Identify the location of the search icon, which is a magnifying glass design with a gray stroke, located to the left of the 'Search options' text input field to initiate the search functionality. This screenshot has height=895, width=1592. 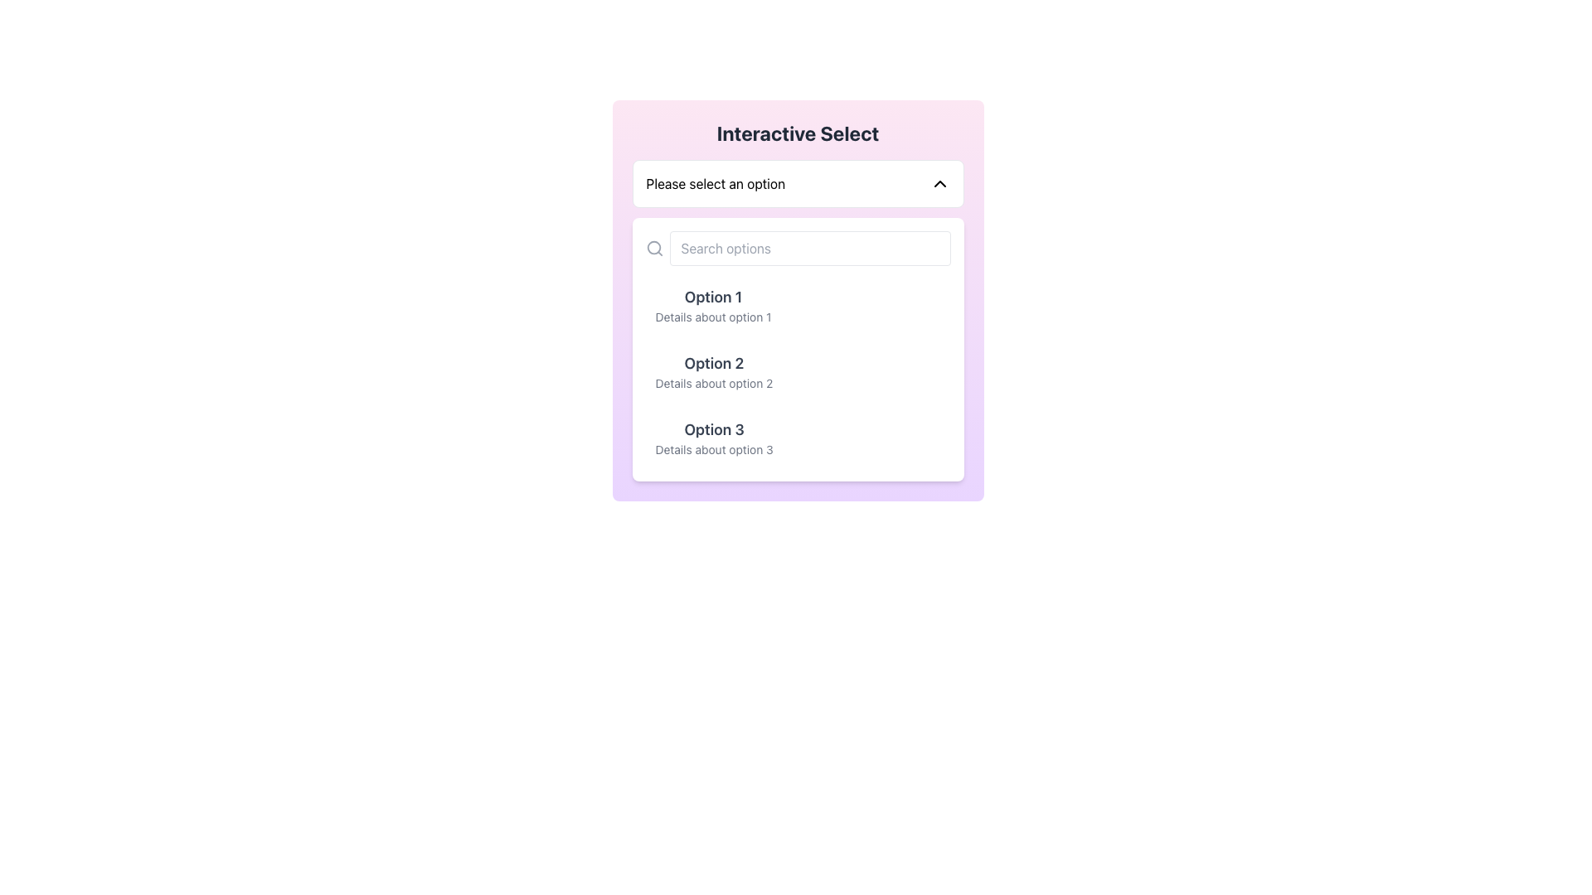
(653, 249).